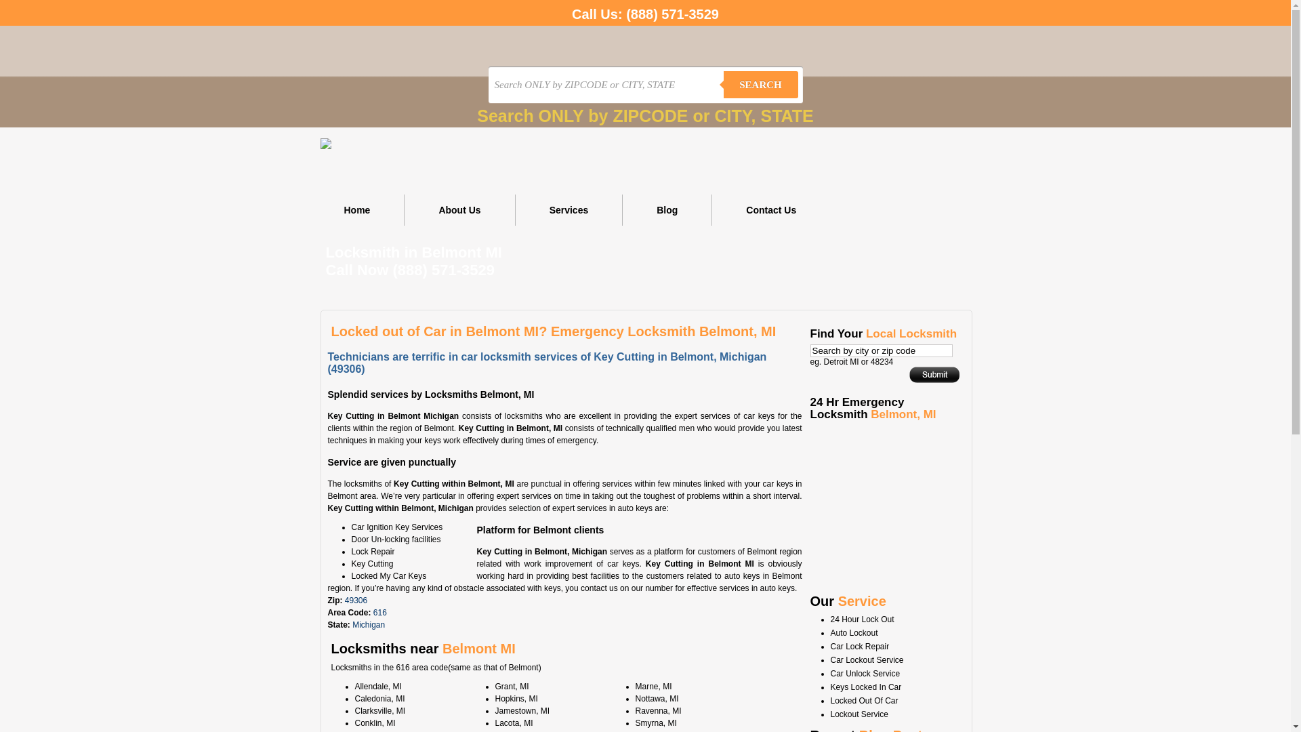  I want to click on 'Lacota, MI', so click(513, 723).